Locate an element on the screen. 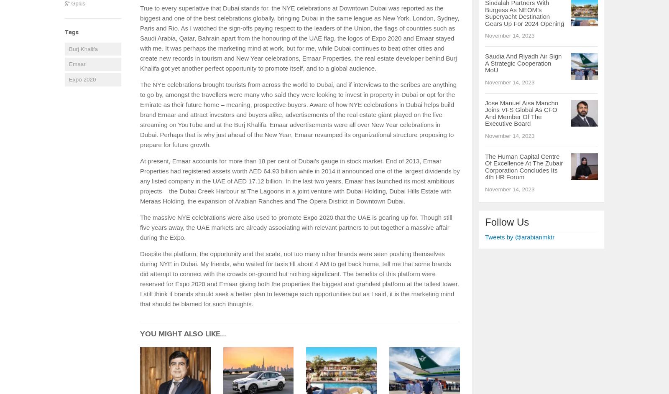  'True to every superlative that Dubai stands for, the NYE celebrations at Downtown Dubai was reported as the biggest and one of the best celebrations globally, bringing Dubai in the same league as New York, London, Sydney, Paris and Rio. As I watched the sign-offs paying respect to the leaders of the Union, the flags of countries such as Saudi Arabia, Qatar, Bahrain apart from the honouring of the UAE flag, the logos of Expo 2020 and Emaar stayed with me. It was perhaps the marketing mind at work, but for me, while Dubai continues to beat other cities and create new records in tourism and New Year celebrations, Emaar Properties, the real estate developer behind Burj Khalifa got yet another perfect opportunity to promote itself, and to a global audience.' is located at coordinates (299, 38).